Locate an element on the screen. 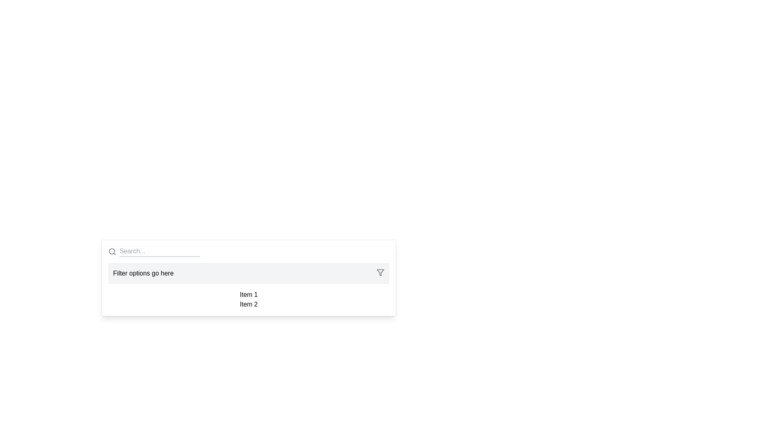 This screenshot has width=773, height=435. the text-based list item labeled 'Item 1' from its current position in the dropdown list is located at coordinates (248, 295).